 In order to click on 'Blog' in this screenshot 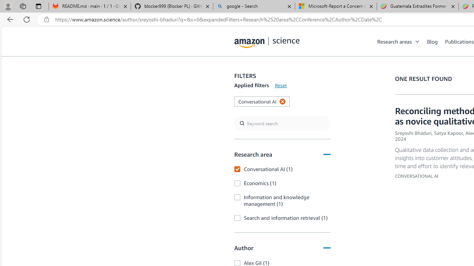, I will do `click(432, 41)`.